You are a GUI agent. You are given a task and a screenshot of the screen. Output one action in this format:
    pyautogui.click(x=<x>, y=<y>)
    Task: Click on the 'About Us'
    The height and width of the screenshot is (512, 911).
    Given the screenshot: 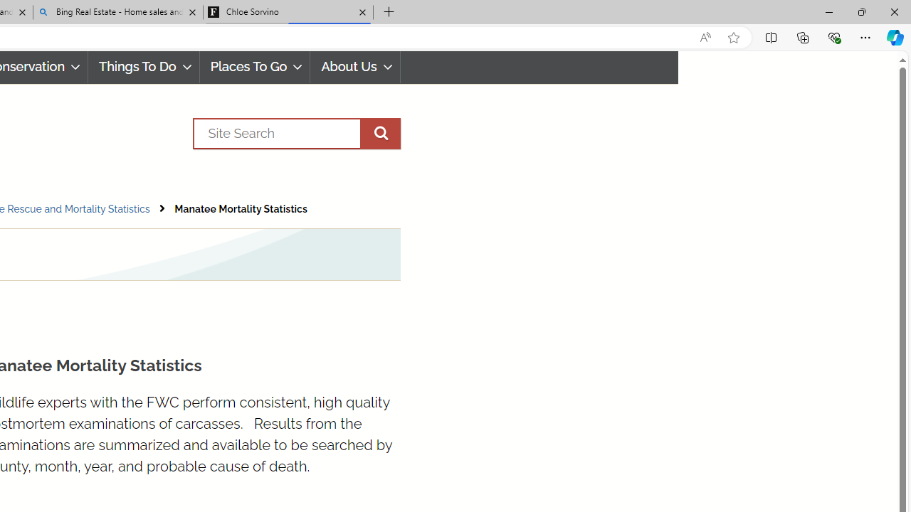 What is the action you would take?
    pyautogui.click(x=355, y=67)
    